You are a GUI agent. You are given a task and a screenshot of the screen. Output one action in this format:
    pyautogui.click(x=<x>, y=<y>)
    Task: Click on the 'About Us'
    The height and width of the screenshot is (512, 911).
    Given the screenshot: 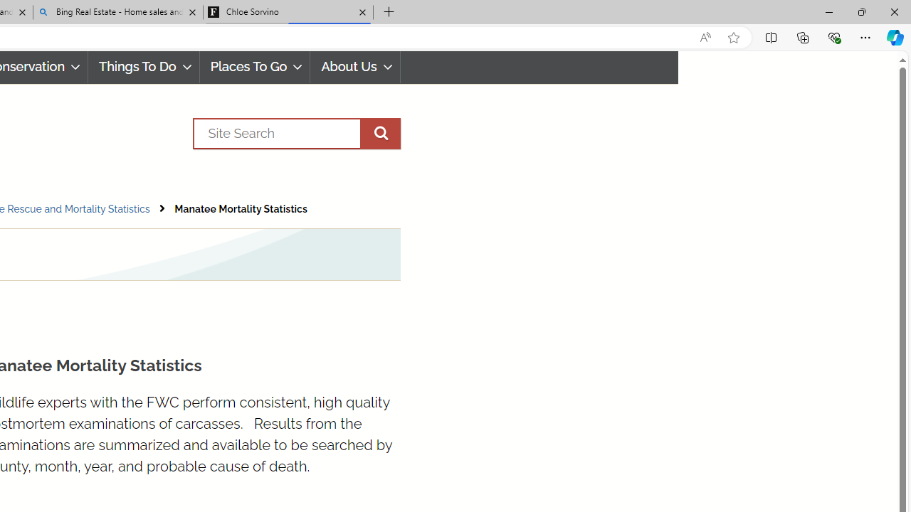 What is the action you would take?
    pyautogui.click(x=355, y=67)
    